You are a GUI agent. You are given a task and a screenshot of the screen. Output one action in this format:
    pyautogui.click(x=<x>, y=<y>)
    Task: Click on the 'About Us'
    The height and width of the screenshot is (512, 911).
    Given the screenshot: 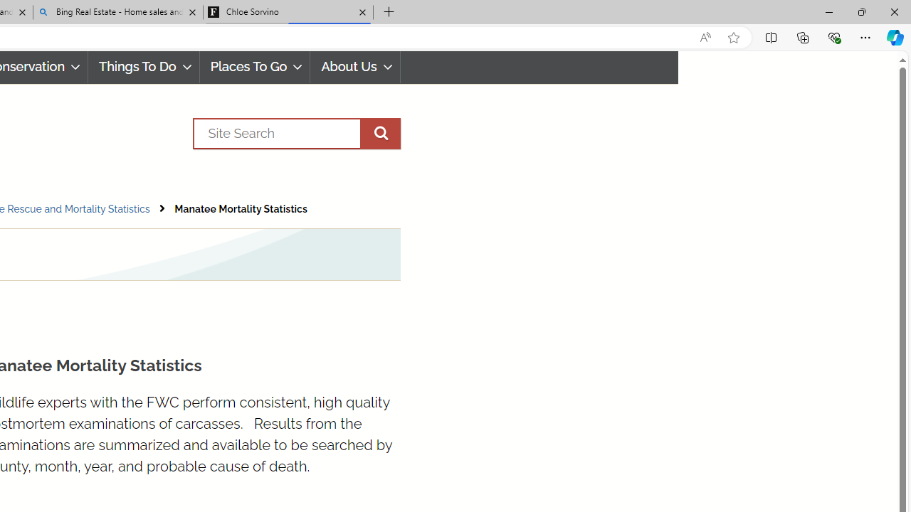 What is the action you would take?
    pyautogui.click(x=355, y=67)
    